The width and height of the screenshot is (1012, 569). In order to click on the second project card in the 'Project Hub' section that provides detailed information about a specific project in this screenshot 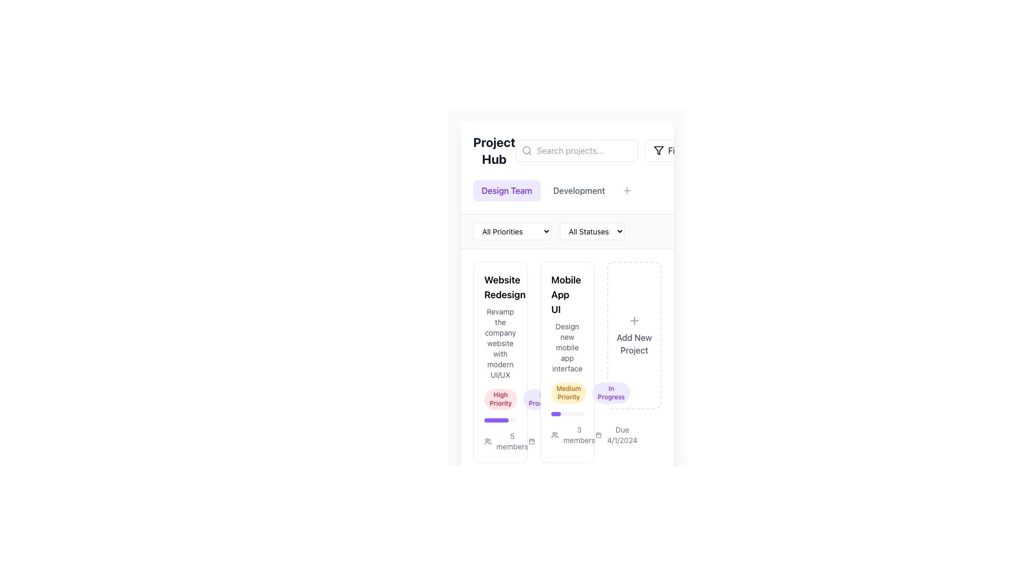, I will do `click(567, 361)`.